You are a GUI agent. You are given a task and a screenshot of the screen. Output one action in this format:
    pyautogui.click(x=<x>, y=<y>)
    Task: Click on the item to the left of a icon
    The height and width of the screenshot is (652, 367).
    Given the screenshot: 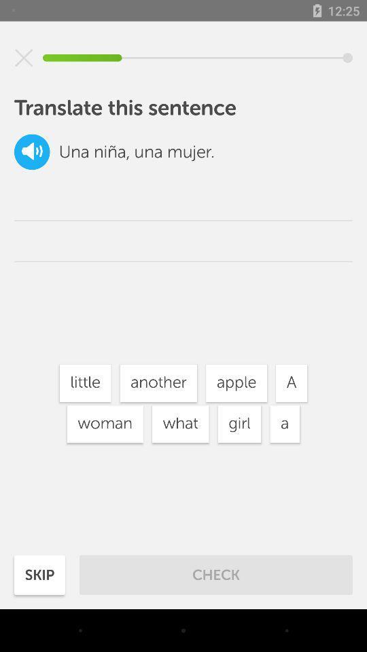 What is the action you would take?
    pyautogui.click(x=236, y=383)
    